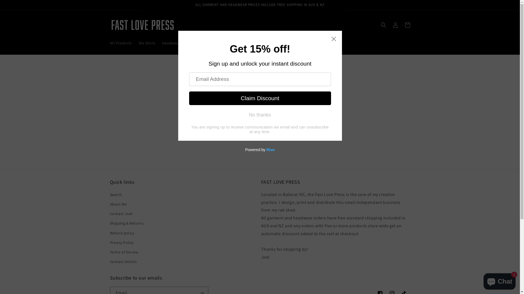 The height and width of the screenshot is (294, 524). Describe the element at coordinates (109, 204) in the screenshot. I see `'About Me'` at that location.